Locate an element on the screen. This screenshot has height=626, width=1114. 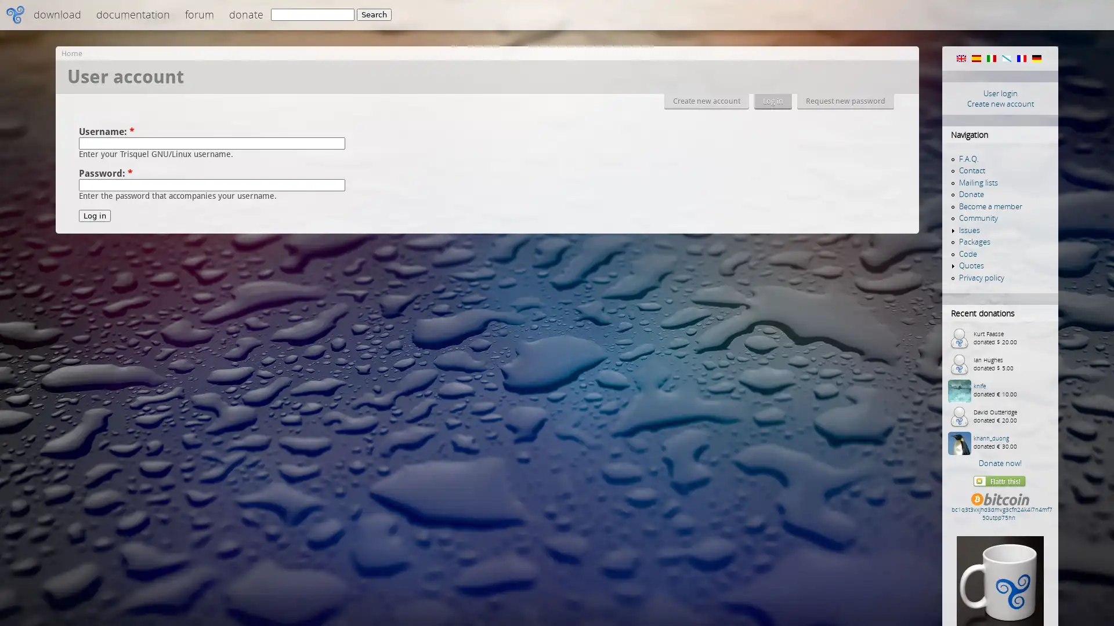
Search is located at coordinates (374, 14).